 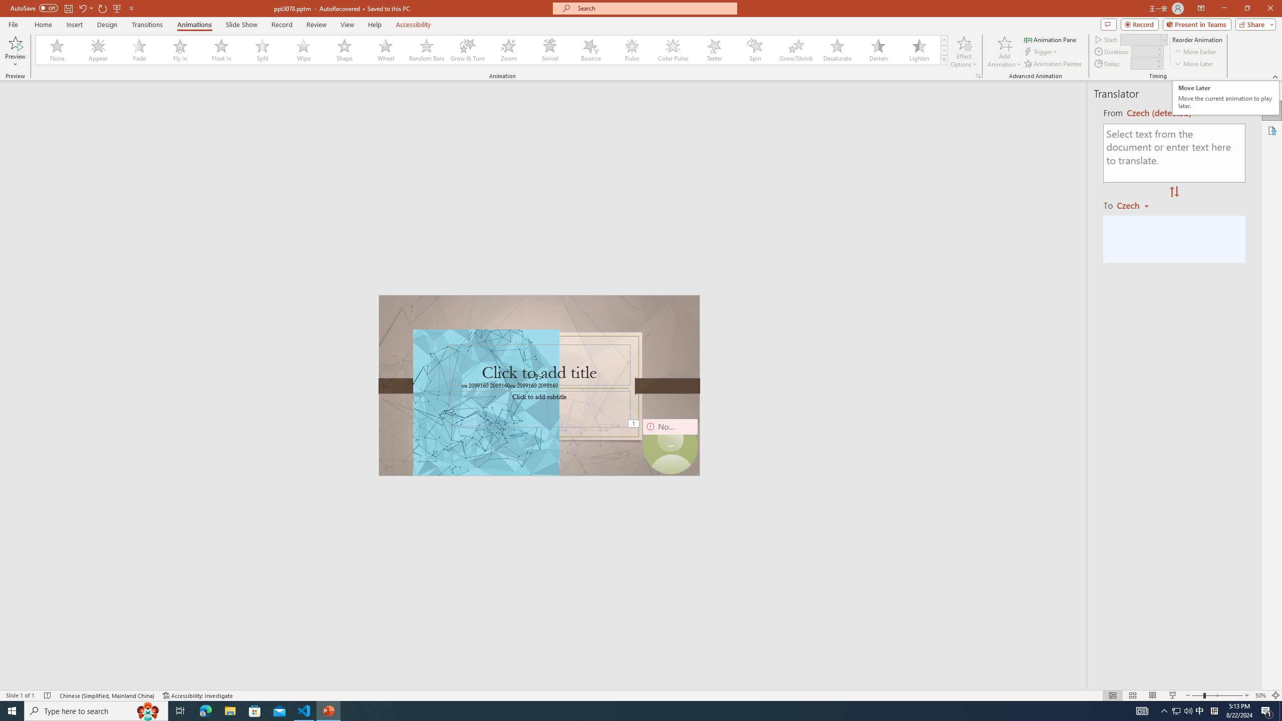 I want to click on 'None', so click(x=57, y=50).